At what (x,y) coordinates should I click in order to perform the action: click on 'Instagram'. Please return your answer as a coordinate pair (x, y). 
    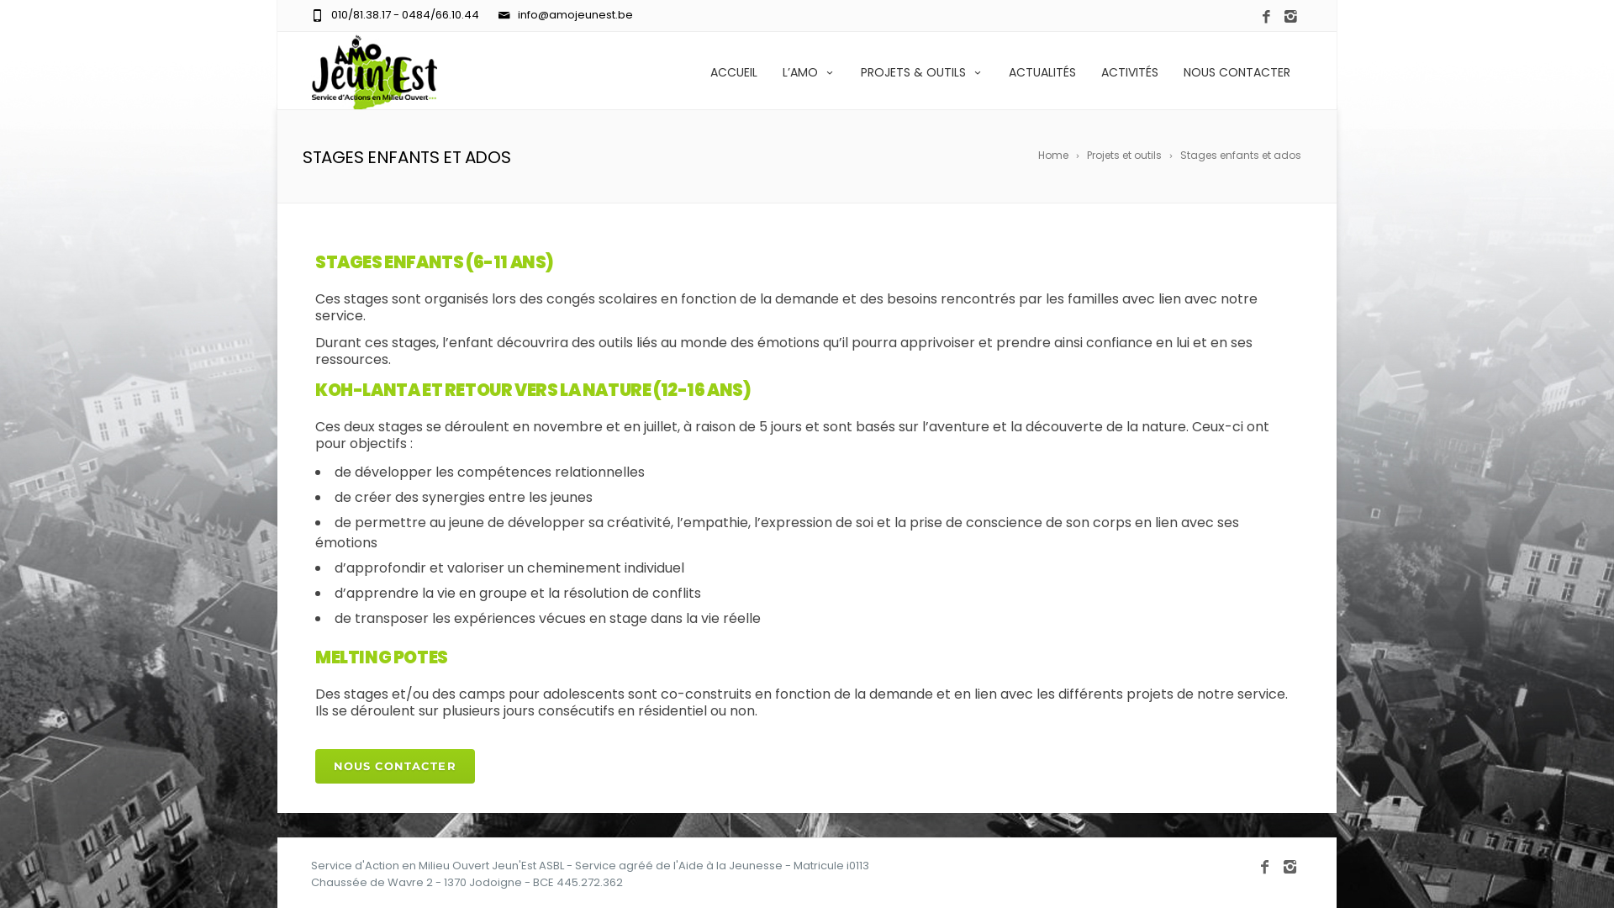
    Looking at the image, I should click on (1290, 17).